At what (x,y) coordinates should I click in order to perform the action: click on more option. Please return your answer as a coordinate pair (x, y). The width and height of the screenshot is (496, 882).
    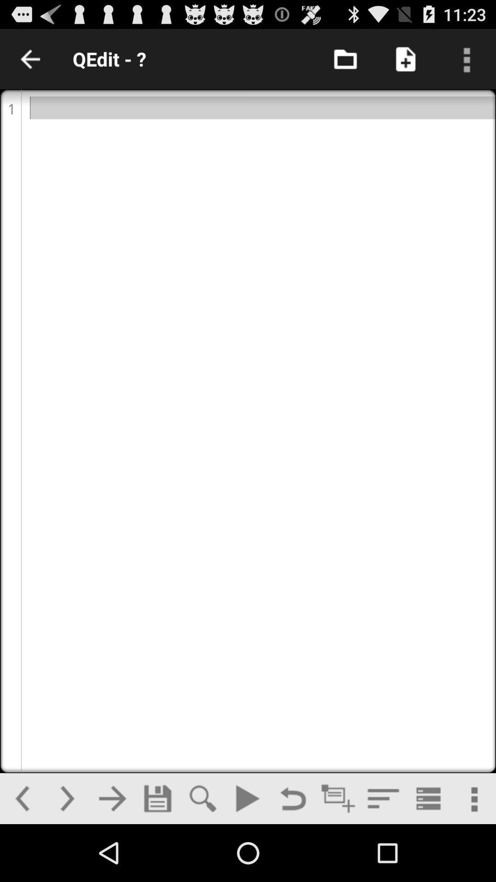
    Looking at the image, I should click on (473, 798).